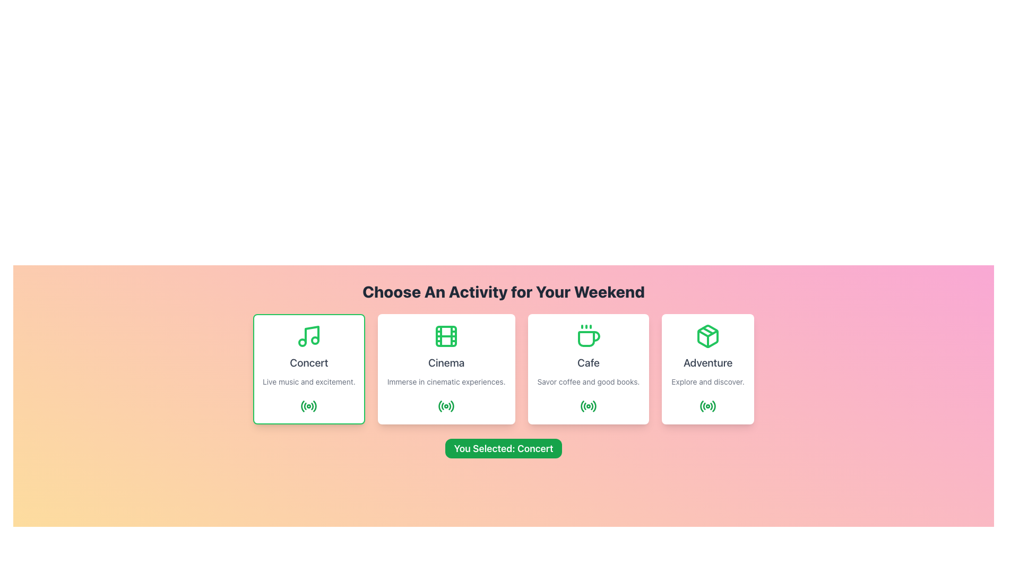  What do you see at coordinates (446, 336) in the screenshot?
I see `the SVG Rectangle that forms part of the 'Cinema' activity option icon in the second column of the activity selection grid` at bounding box center [446, 336].